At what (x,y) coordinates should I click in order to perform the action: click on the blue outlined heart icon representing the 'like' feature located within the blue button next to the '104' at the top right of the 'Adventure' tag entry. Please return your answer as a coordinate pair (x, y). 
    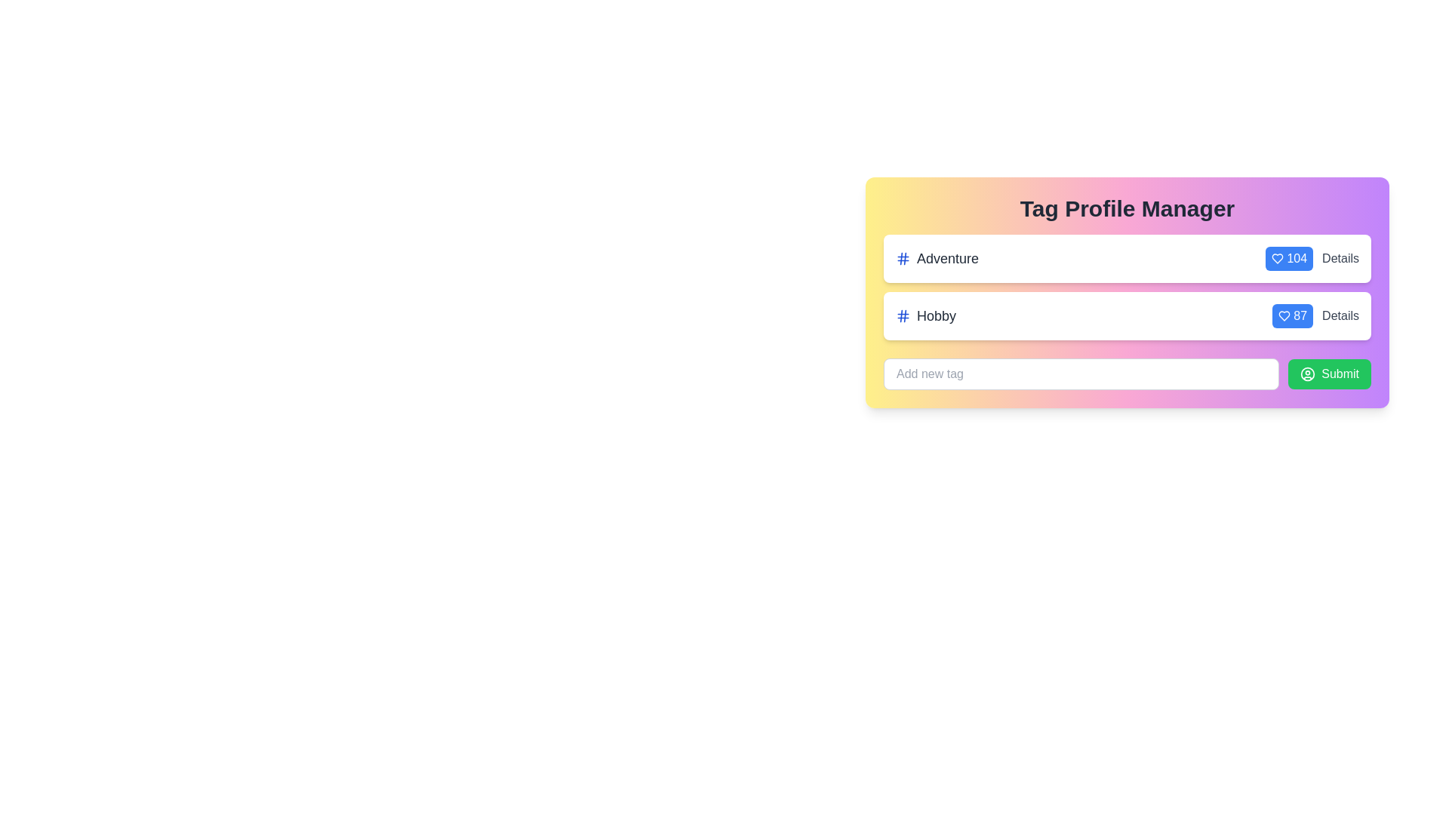
    Looking at the image, I should click on (1277, 258).